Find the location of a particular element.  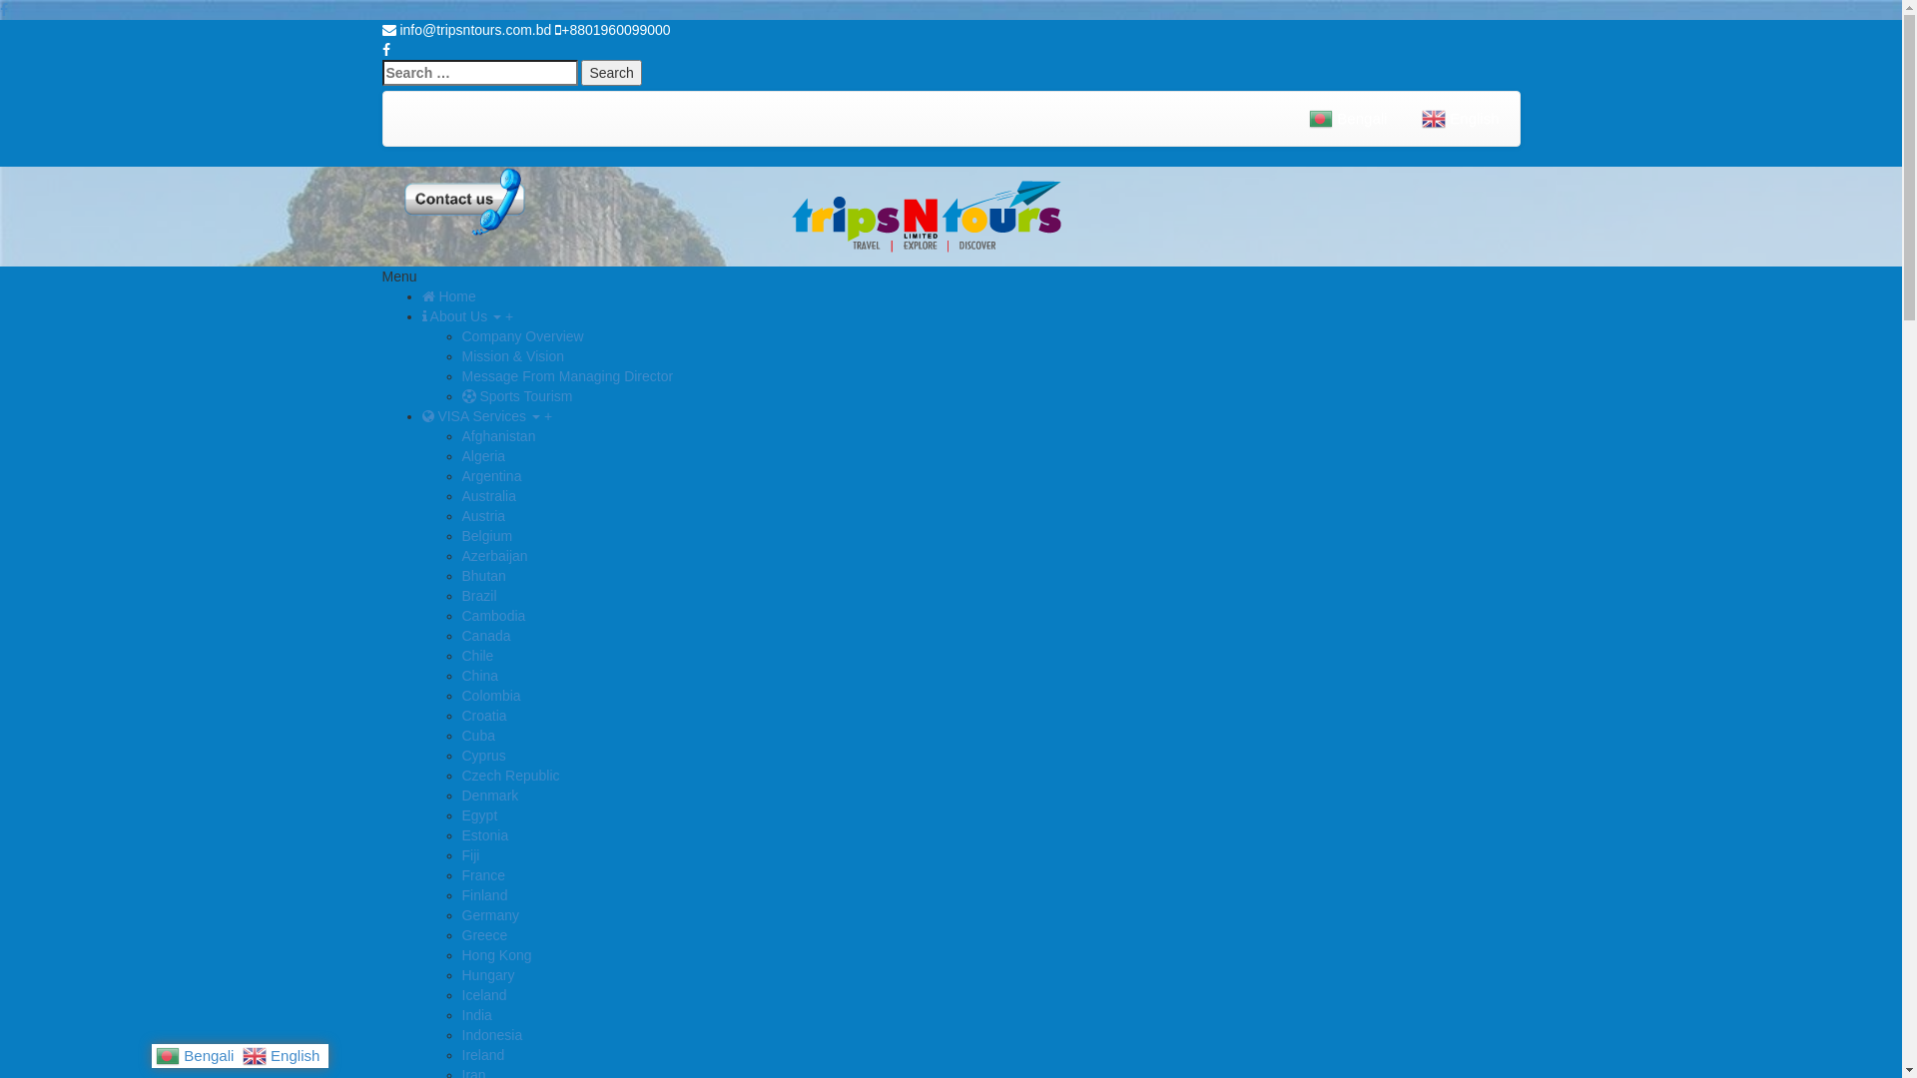

'Fiji' is located at coordinates (468, 853).